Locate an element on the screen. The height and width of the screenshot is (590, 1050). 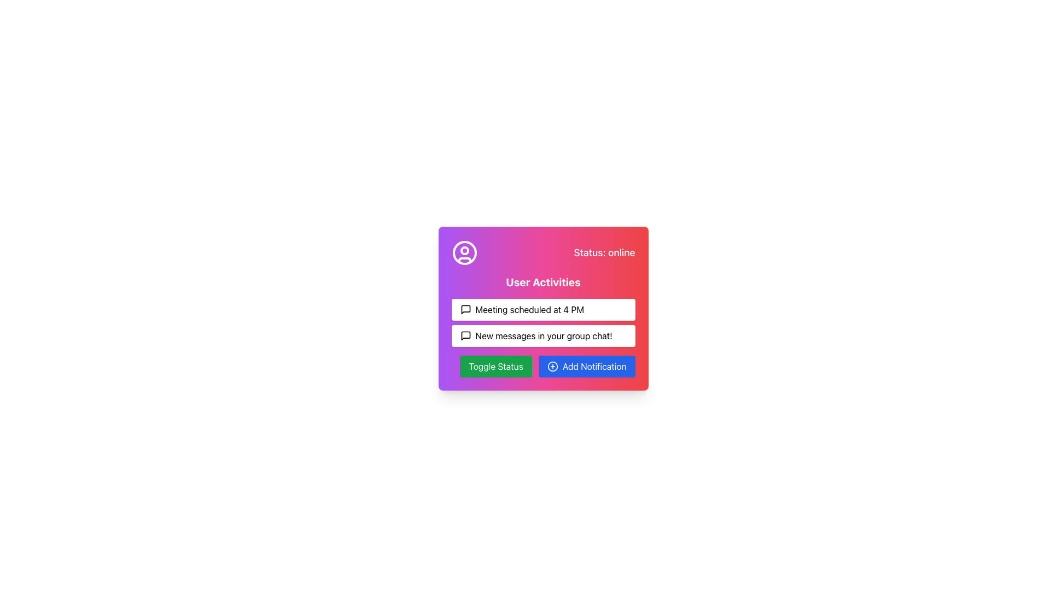
the 'Add Notification' button with a blue background and white text is located at coordinates (586, 367).